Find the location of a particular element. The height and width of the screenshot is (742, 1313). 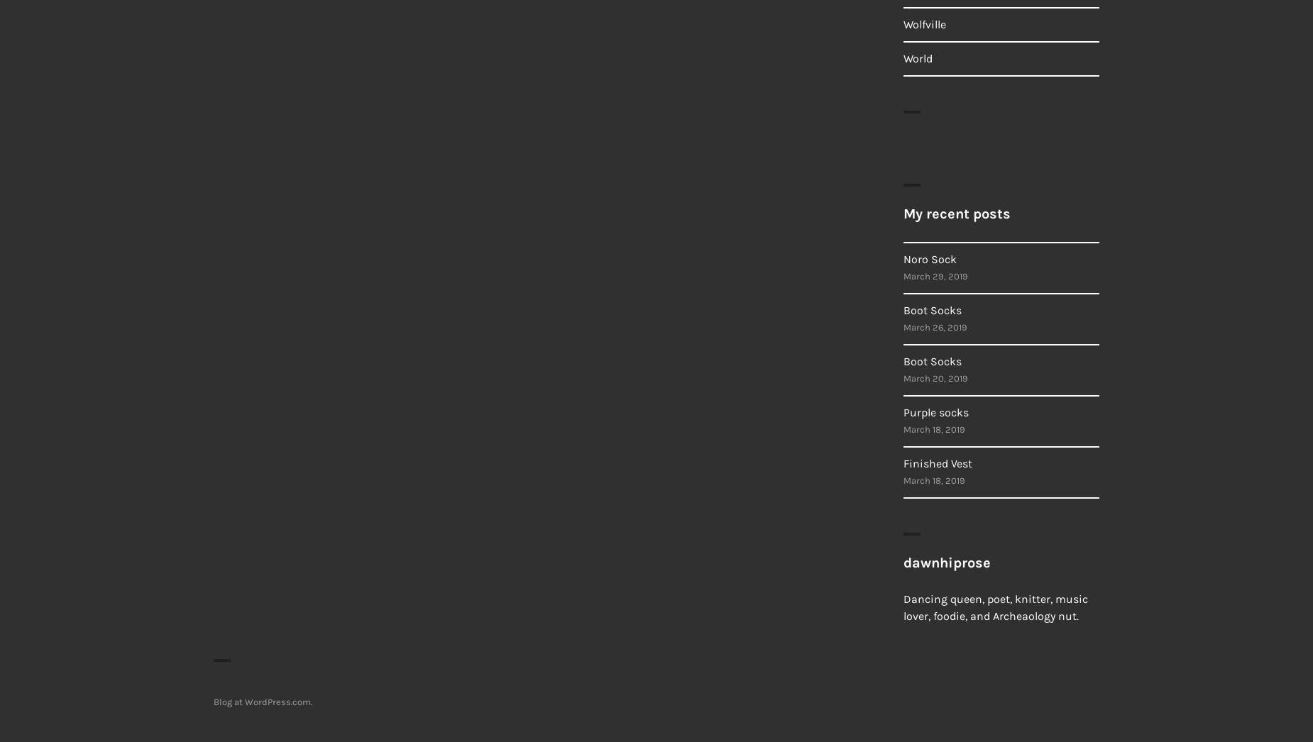

'Noro Sock' is located at coordinates (929, 258).